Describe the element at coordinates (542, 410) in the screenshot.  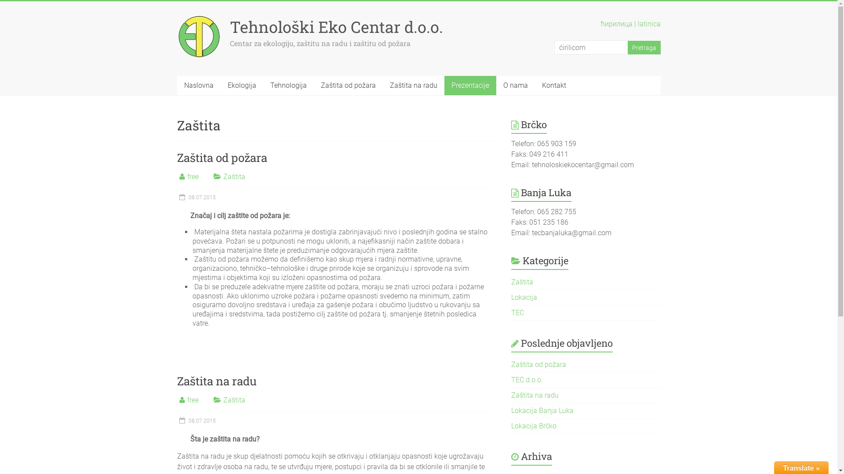
I see `'Lokacija Banja Luka'` at that location.